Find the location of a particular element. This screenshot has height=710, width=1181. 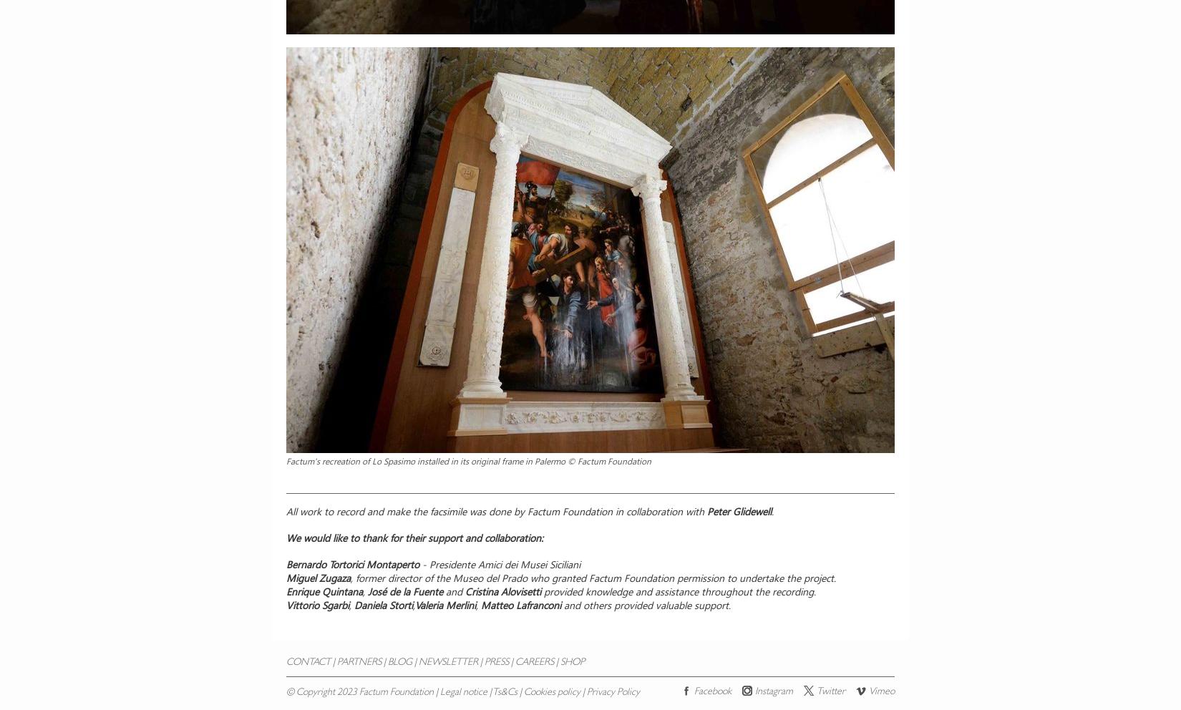

'Vimeo' is located at coordinates (882, 691).